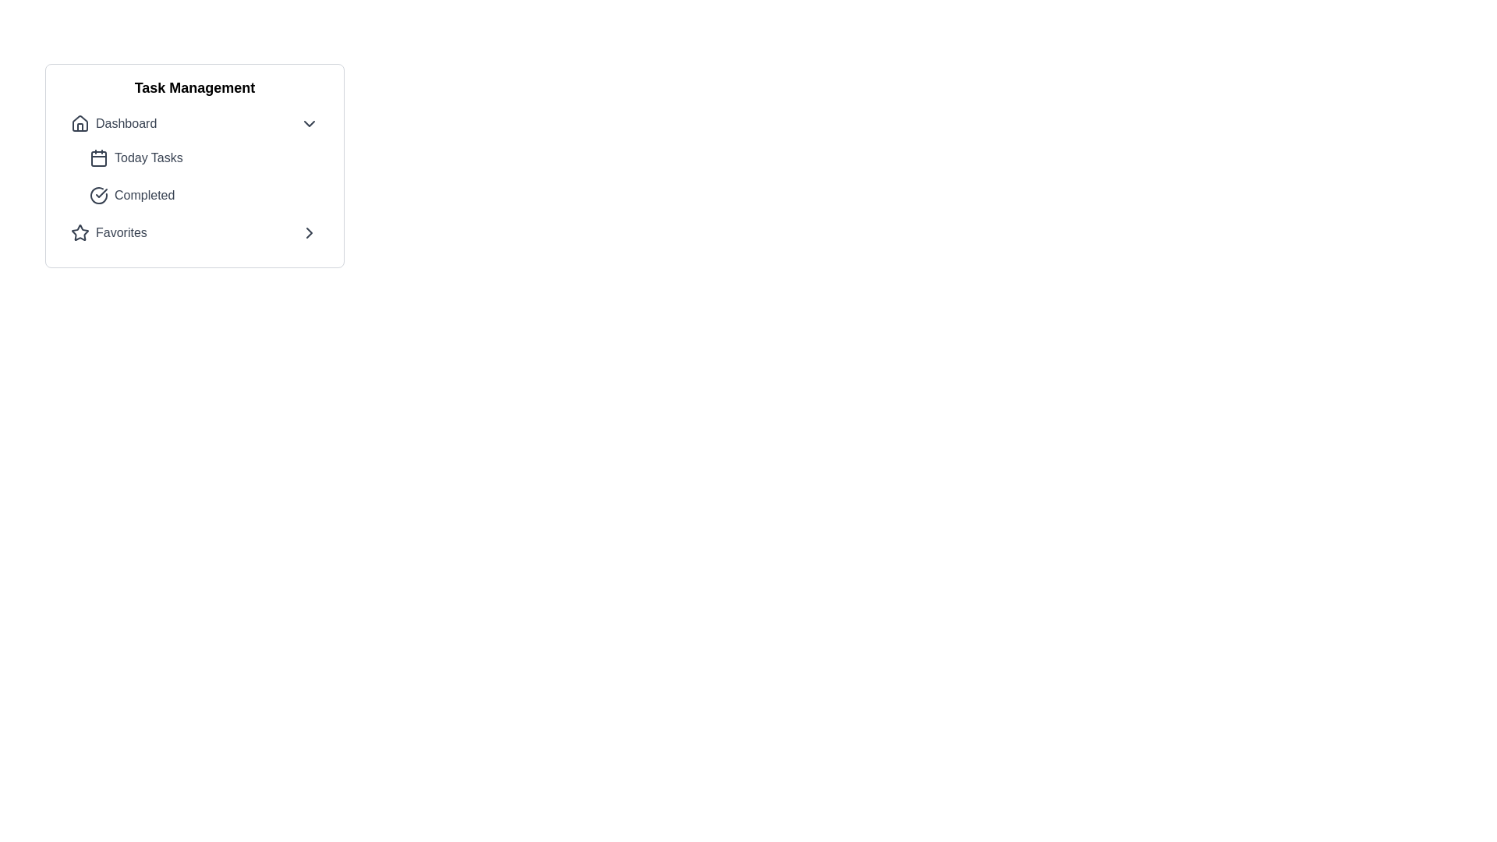 The height and width of the screenshot is (842, 1497). I want to click on the calendar icon located to the left of the 'Today Tasks' text in the 'Task Management' menu, so click(97, 158).